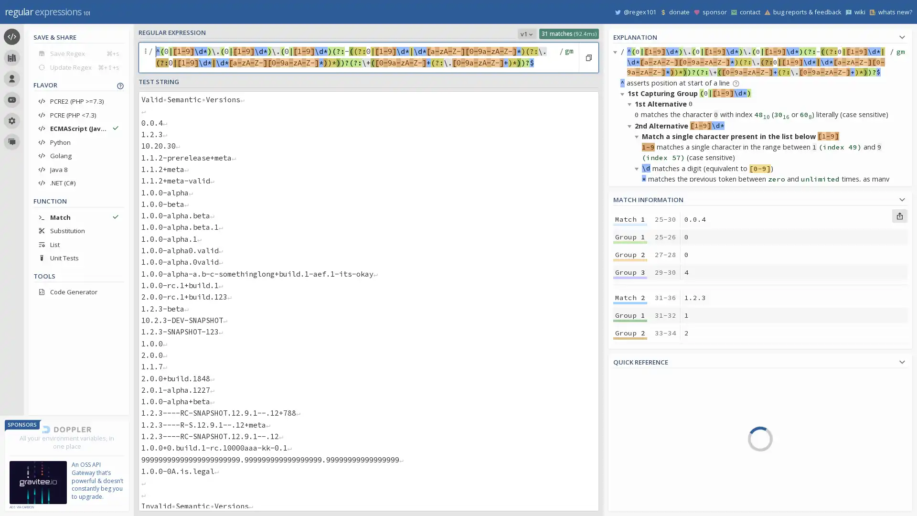  What do you see at coordinates (808, 392) in the screenshot?
I see `A character except: a, b or c [^abc]` at bounding box center [808, 392].